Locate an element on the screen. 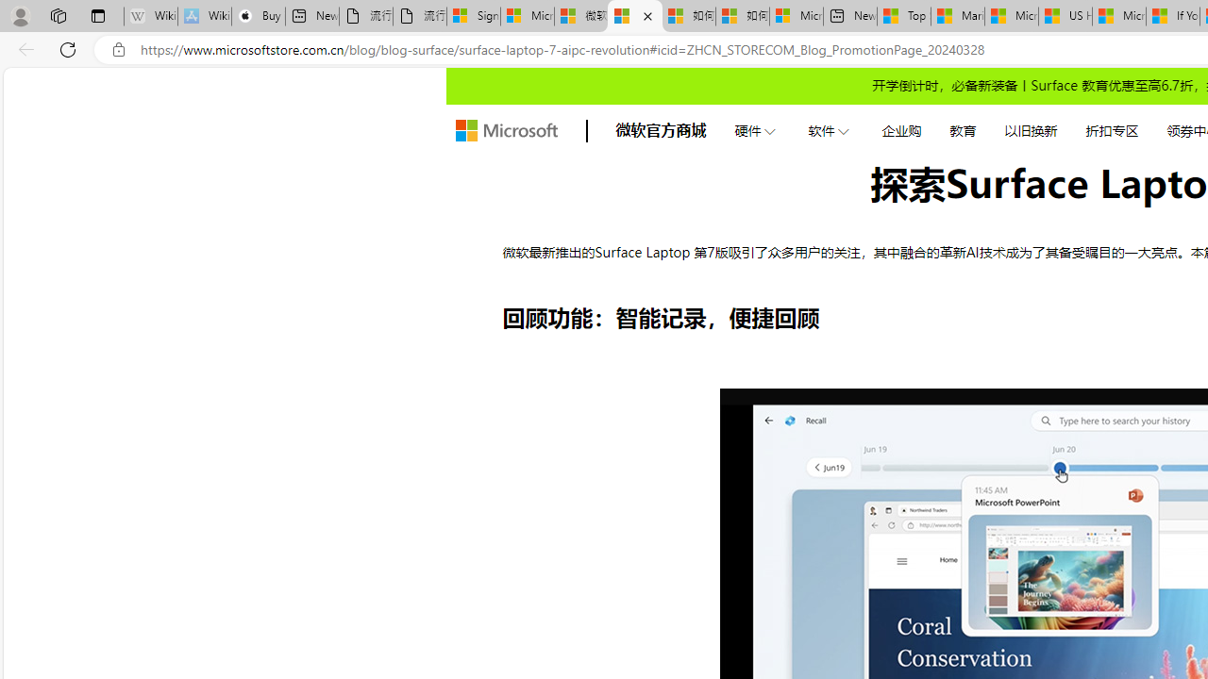 The image size is (1208, 679). 'Buy iPad - Apple' is located at coordinates (257, 16).